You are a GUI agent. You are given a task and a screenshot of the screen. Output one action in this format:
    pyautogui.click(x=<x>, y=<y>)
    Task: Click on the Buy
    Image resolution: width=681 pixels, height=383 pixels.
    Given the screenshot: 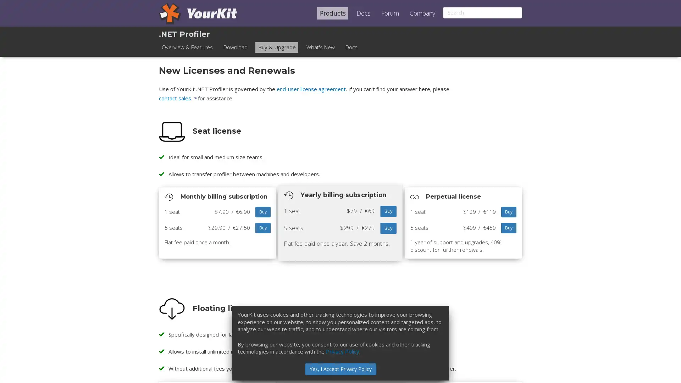 What is the action you would take?
    pyautogui.click(x=508, y=211)
    